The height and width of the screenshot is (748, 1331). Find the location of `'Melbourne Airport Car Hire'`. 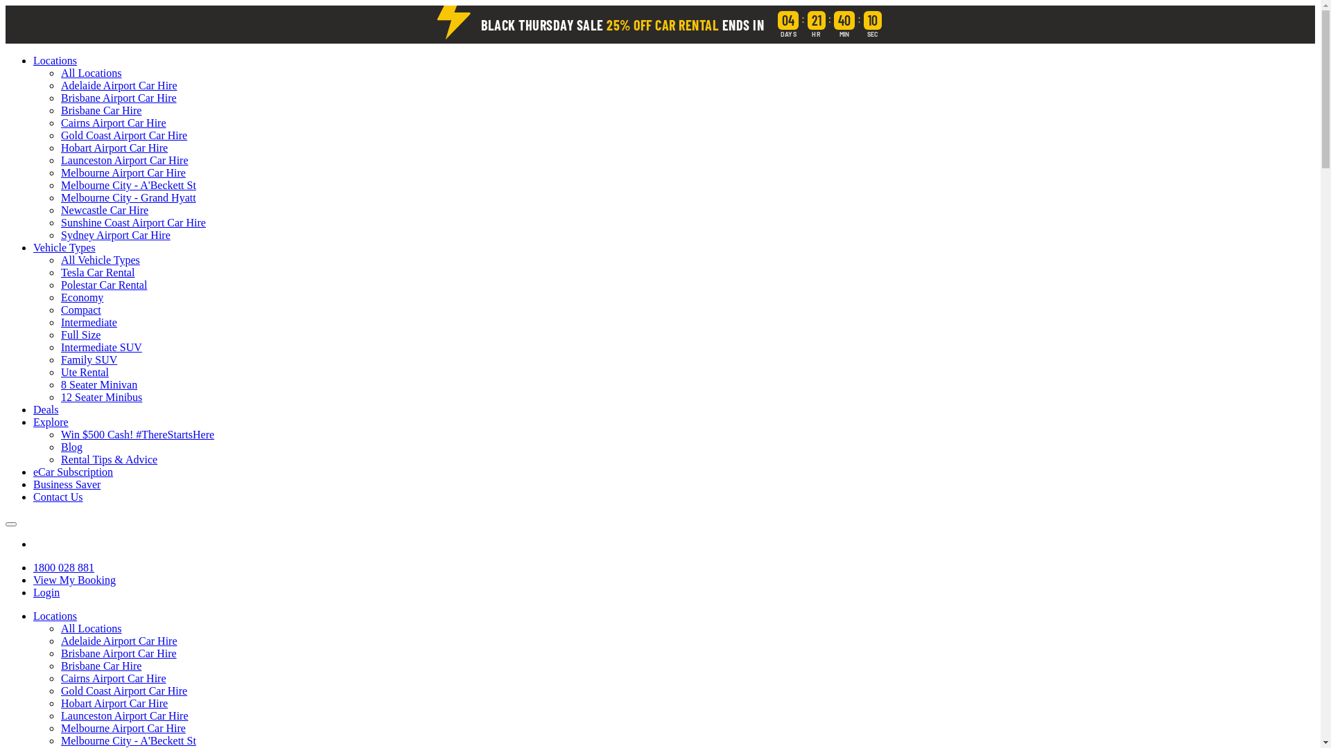

'Melbourne Airport Car Hire' is located at coordinates (123, 727).